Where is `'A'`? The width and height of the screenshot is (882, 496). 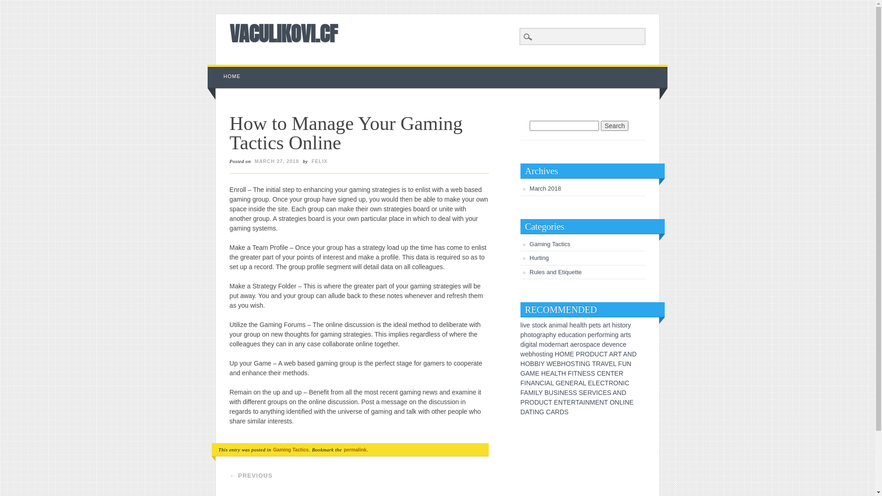
'A' is located at coordinates (525, 411).